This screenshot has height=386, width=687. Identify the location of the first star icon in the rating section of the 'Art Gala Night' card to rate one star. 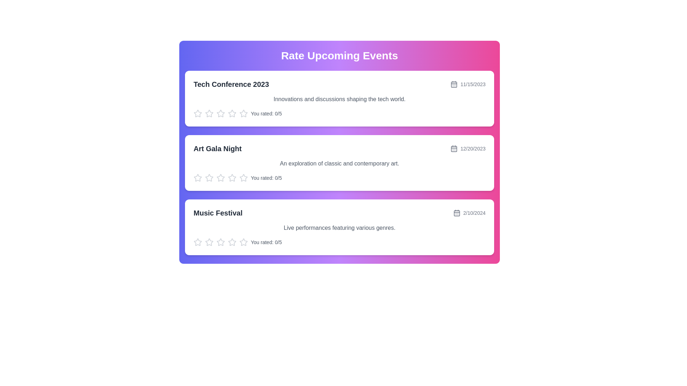
(220, 177).